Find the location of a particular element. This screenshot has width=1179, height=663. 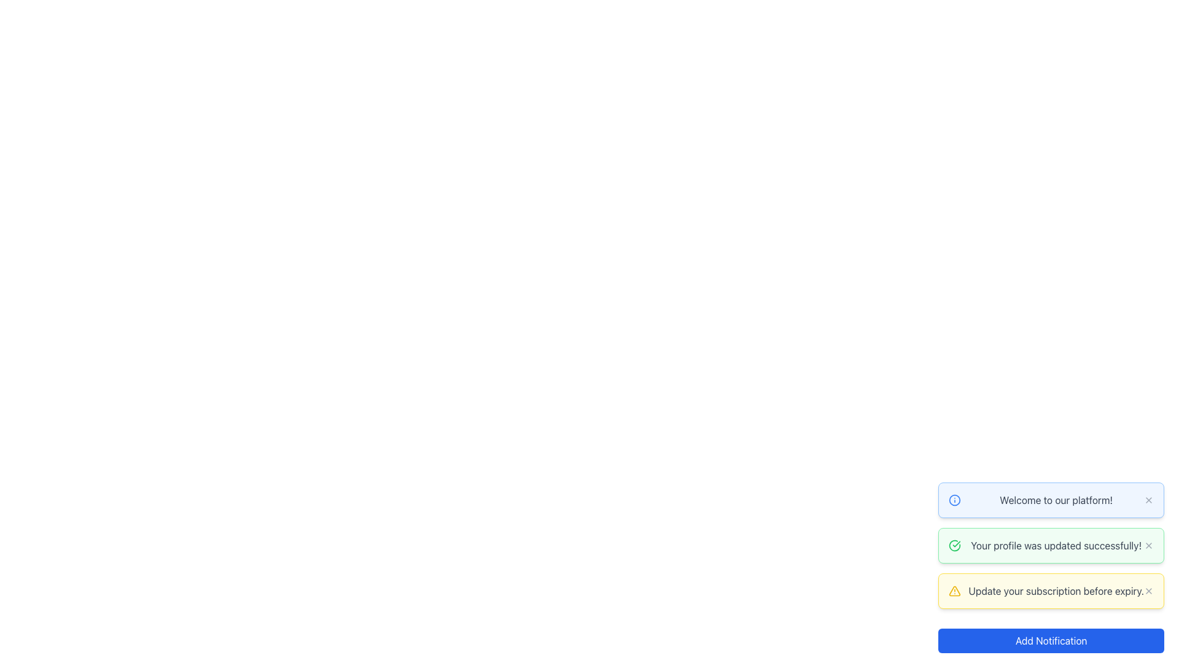

the yellow triangular warning icon with a hollow center, which is located to the left of the notification text 'Update your subscription before expiry.' is located at coordinates (954, 591).